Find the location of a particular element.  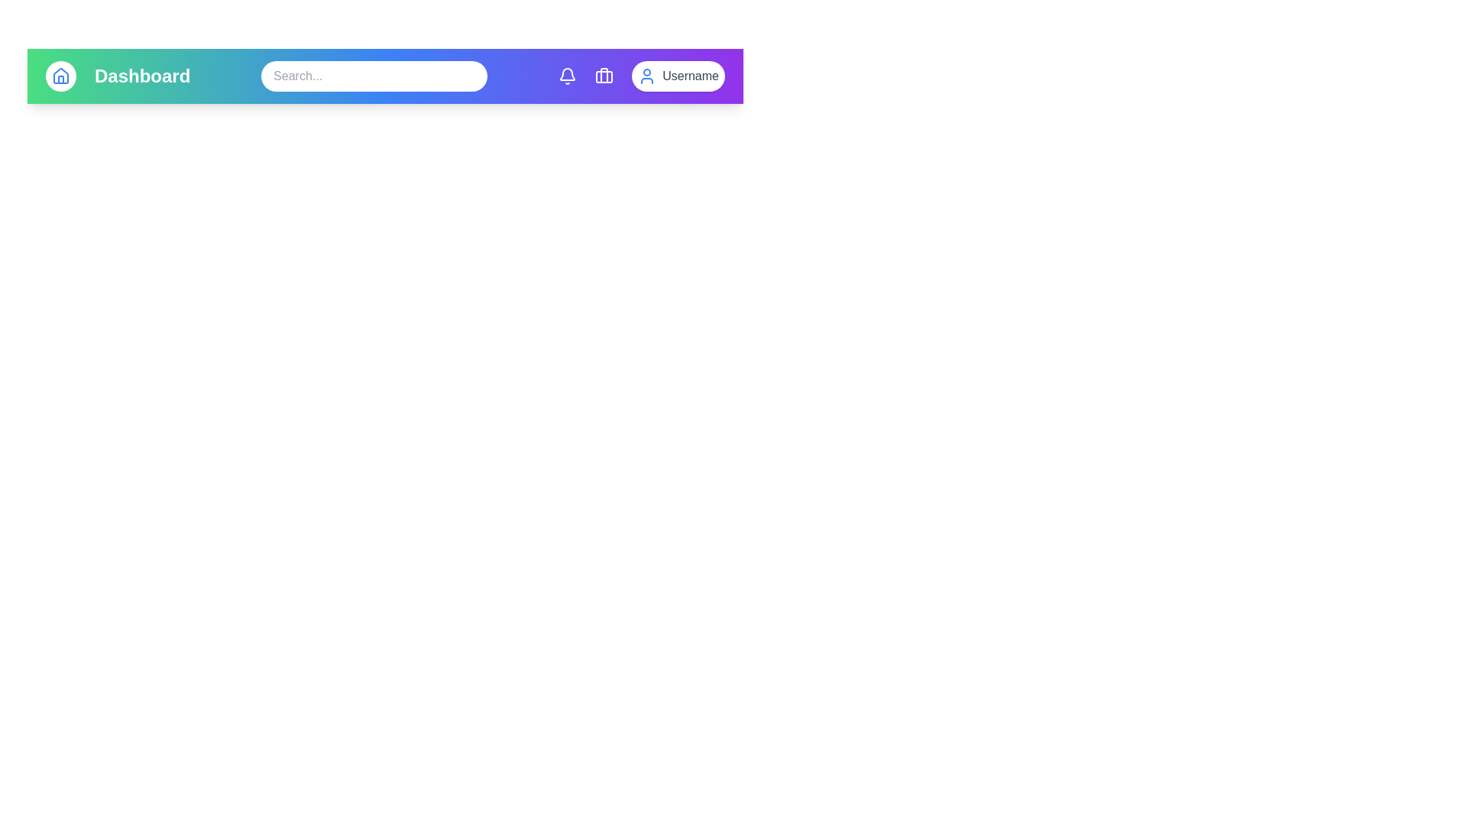

the search text field to focus on it is located at coordinates (374, 76).